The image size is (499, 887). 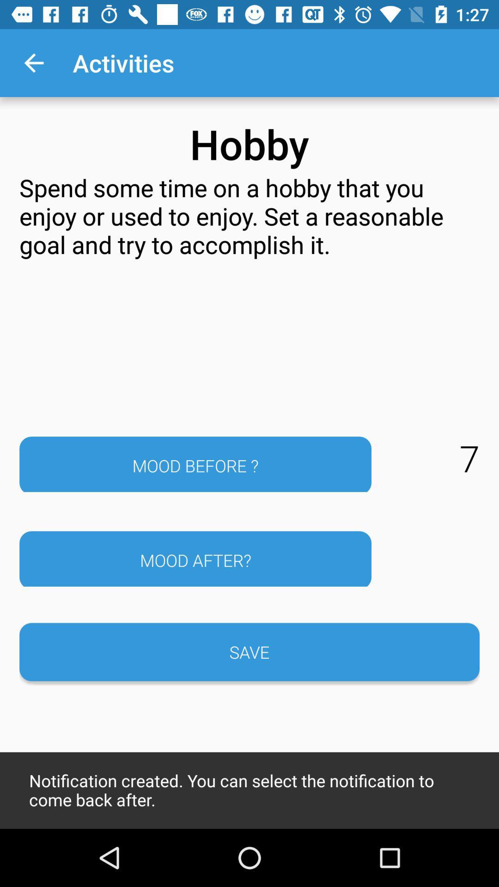 What do you see at coordinates (249, 651) in the screenshot?
I see `save item` at bounding box center [249, 651].